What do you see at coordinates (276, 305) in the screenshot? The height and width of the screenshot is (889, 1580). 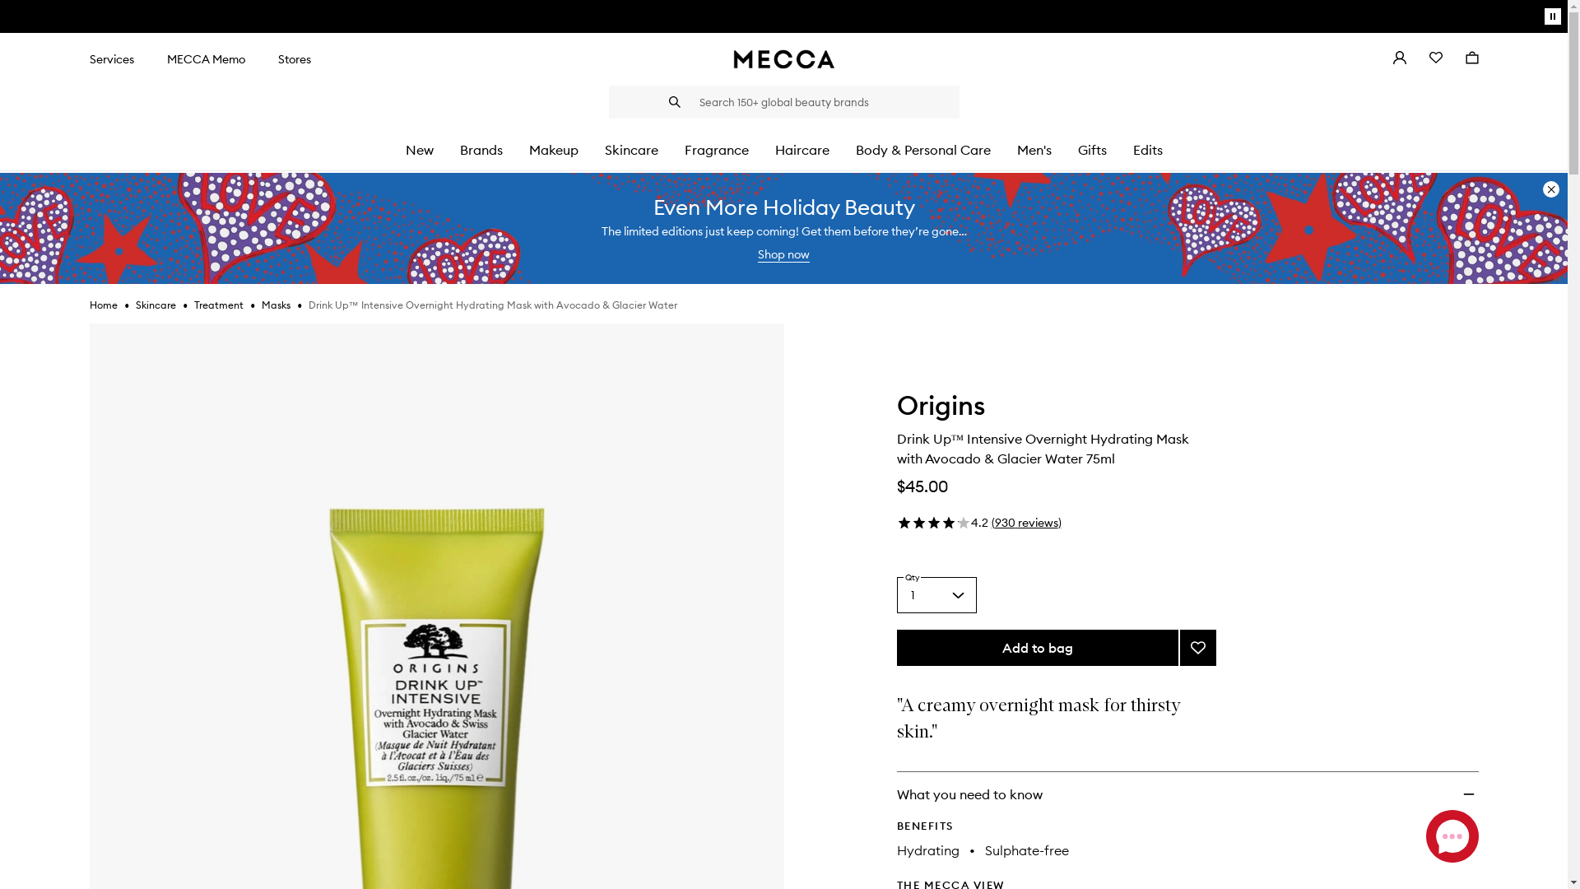 I see `'Masks'` at bounding box center [276, 305].